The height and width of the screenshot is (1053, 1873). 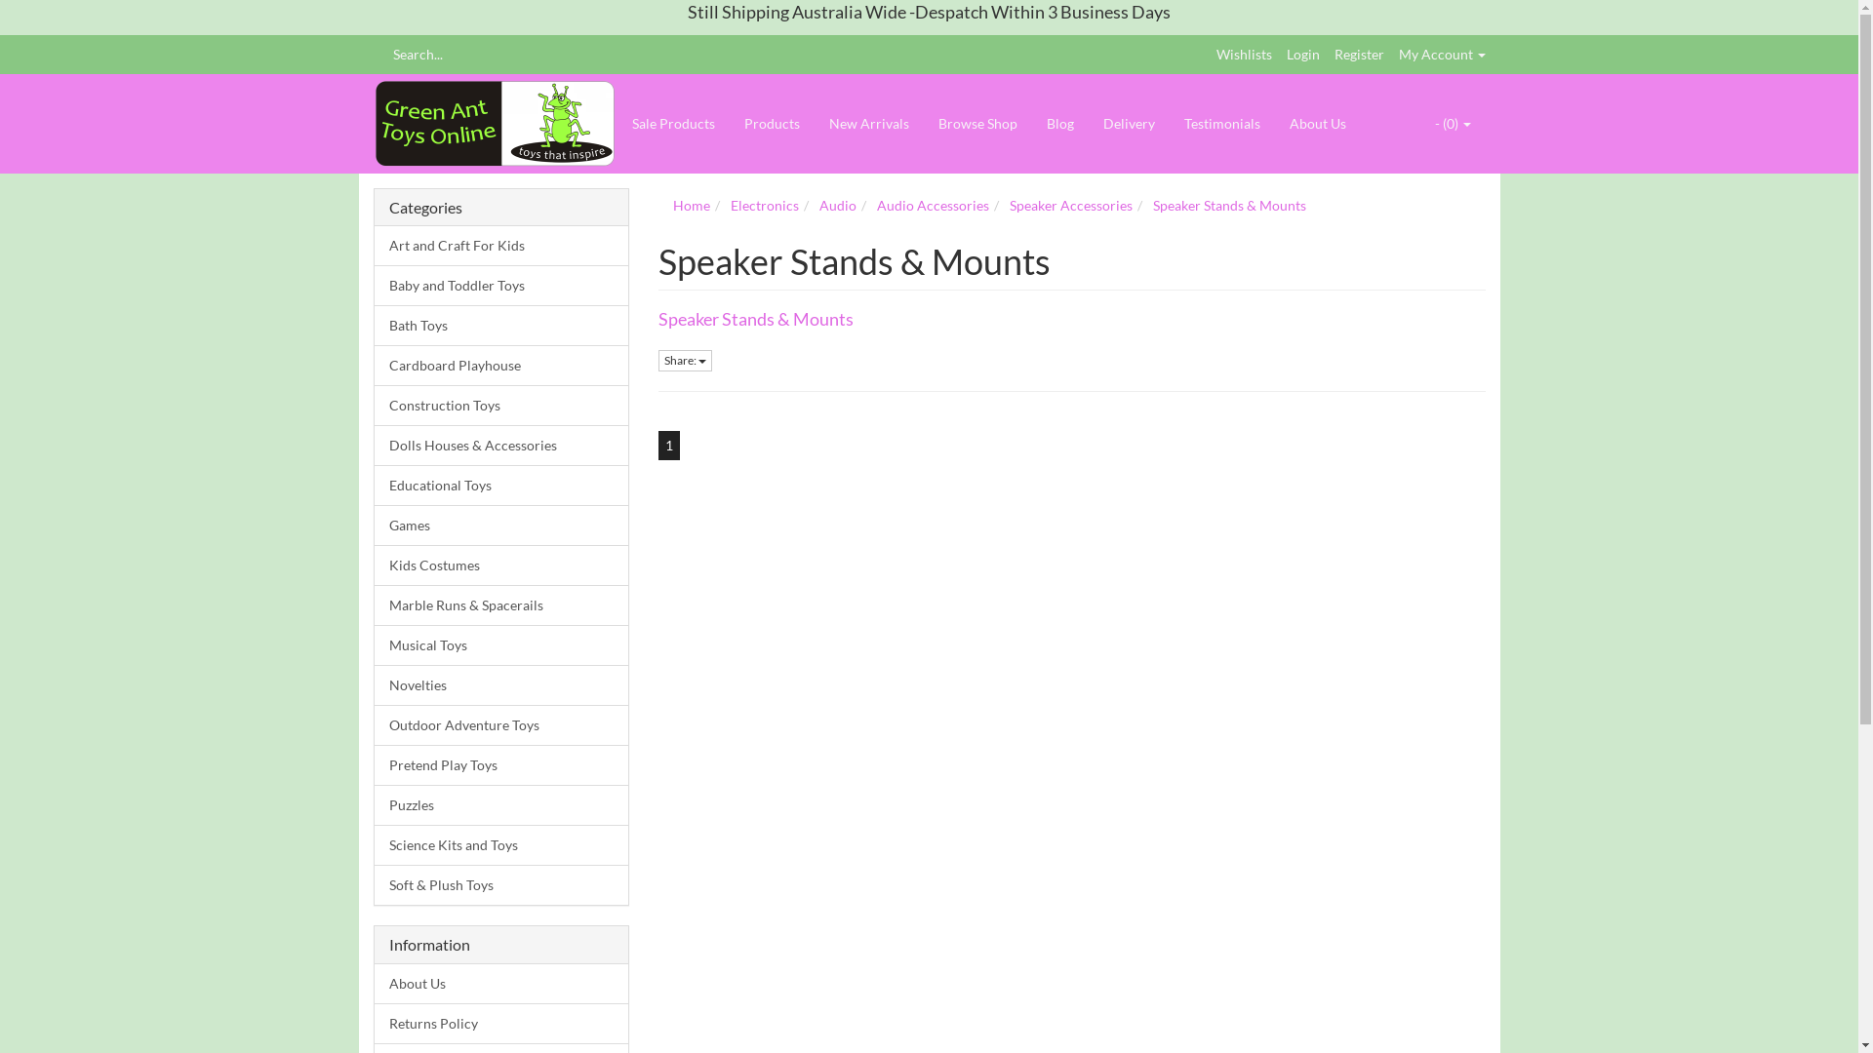 I want to click on 'Kids Costumes', so click(x=501, y=565).